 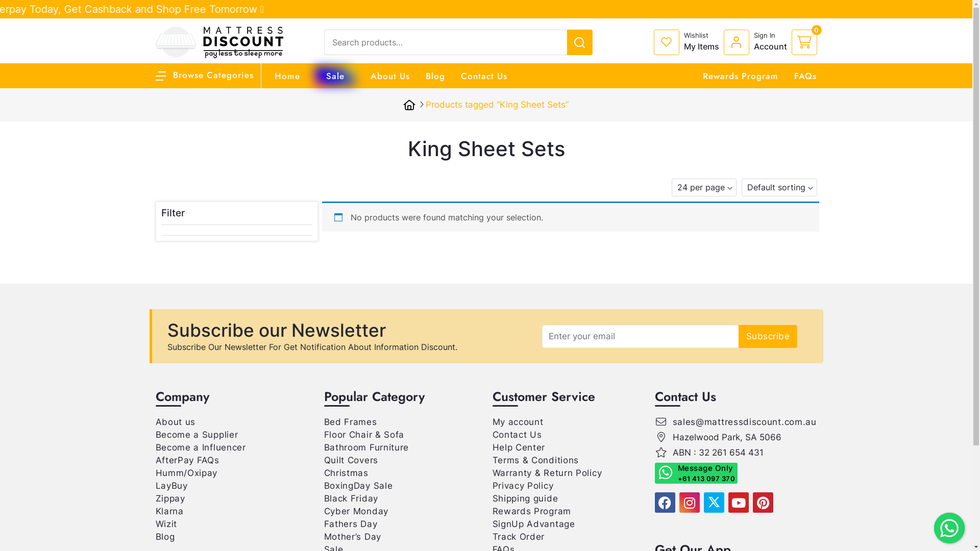 I want to click on 'pinterest', so click(x=752, y=502).